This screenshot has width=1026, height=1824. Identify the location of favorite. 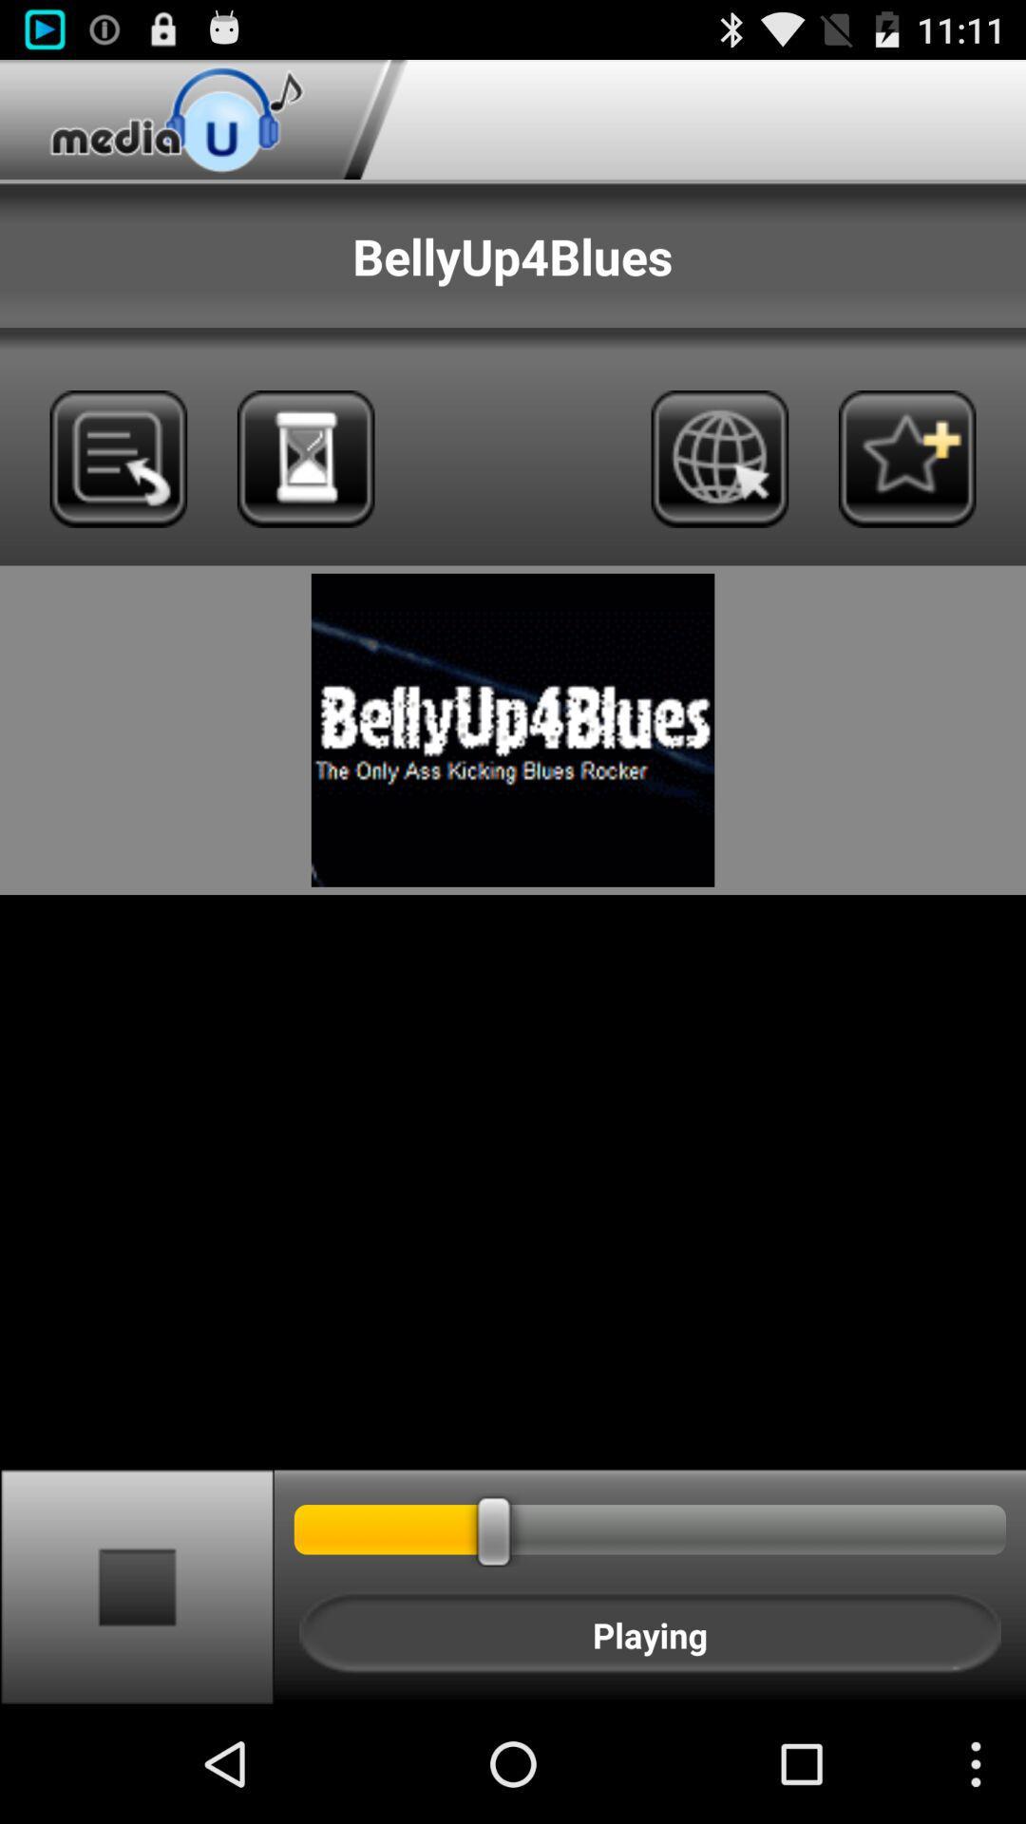
(906, 459).